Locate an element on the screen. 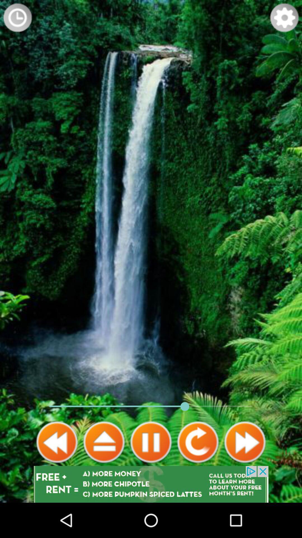 The width and height of the screenshot is (302, 538). the settings icon is located at coordinates (284, 19).